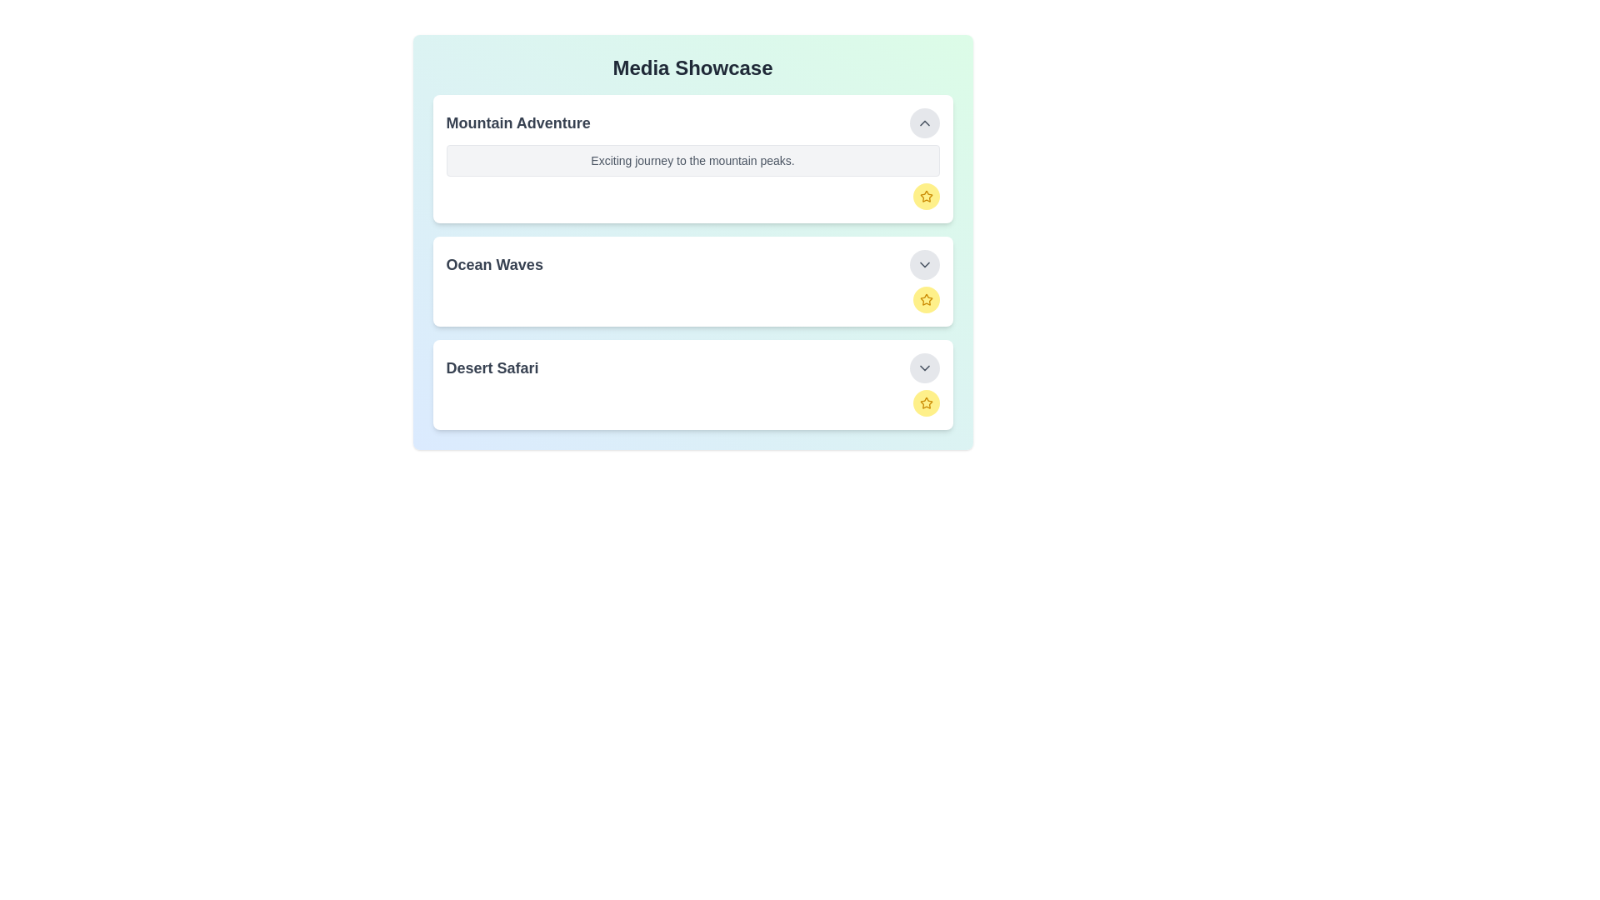  What do you see at coordinates (925, 402) in the screenshot?
I see `favorite button for the item titled 'Desert Safari'` at bounding box center [925, 402].